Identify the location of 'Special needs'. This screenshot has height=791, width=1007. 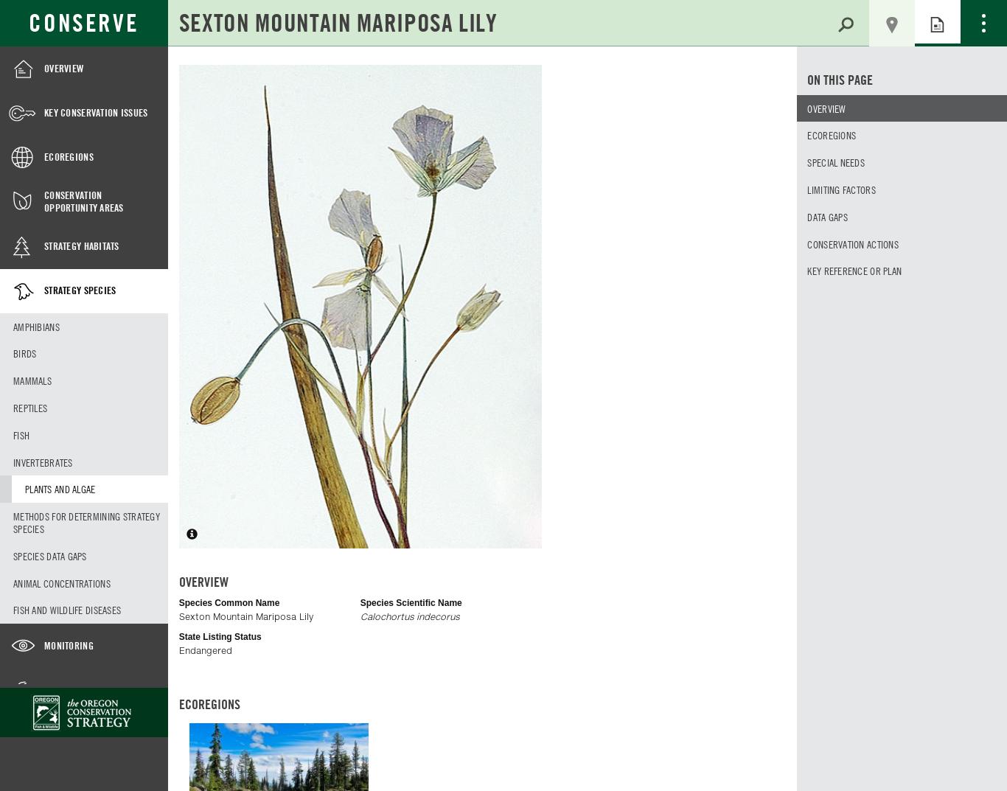
(835, 161).